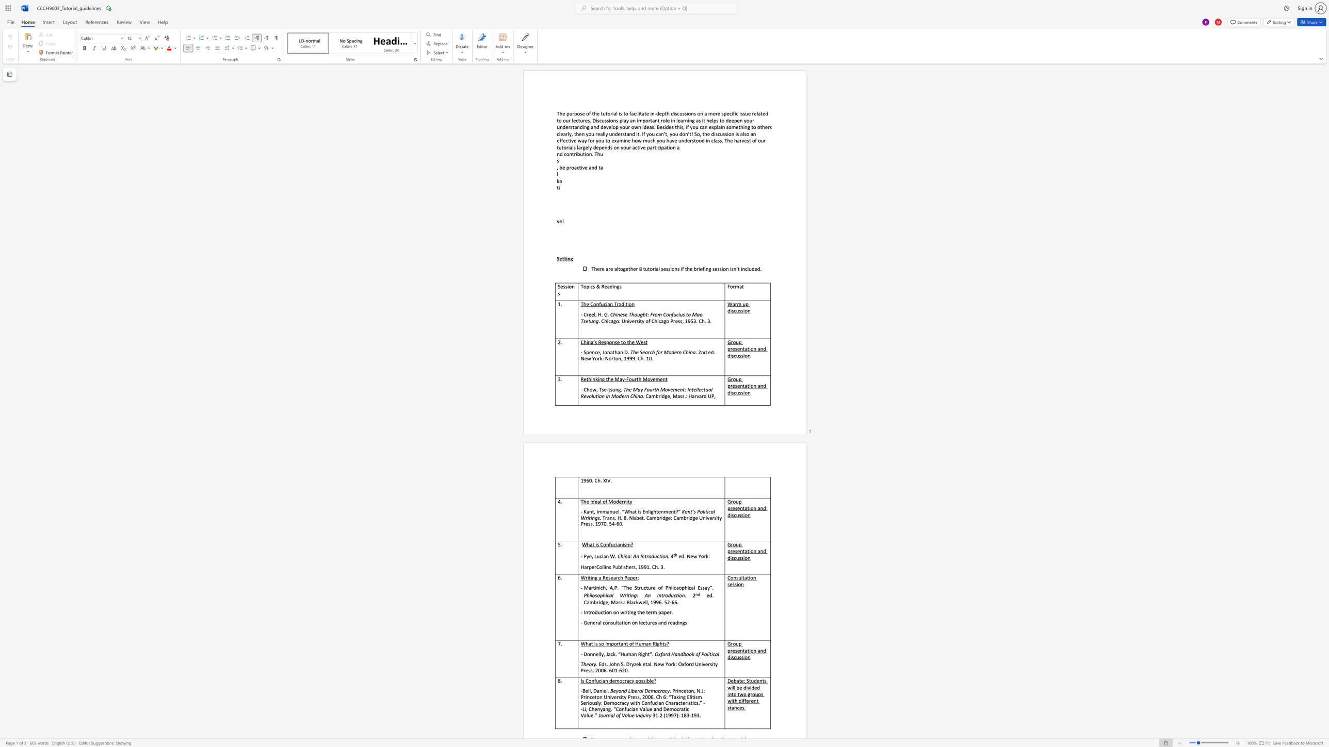 The height and width of the screenshot is (747, 1329). Describe the element at coordinates (591, 556) in the screenshot. I see `the subset text ", L" within the text "- Pye, Lucian W."` at that location.